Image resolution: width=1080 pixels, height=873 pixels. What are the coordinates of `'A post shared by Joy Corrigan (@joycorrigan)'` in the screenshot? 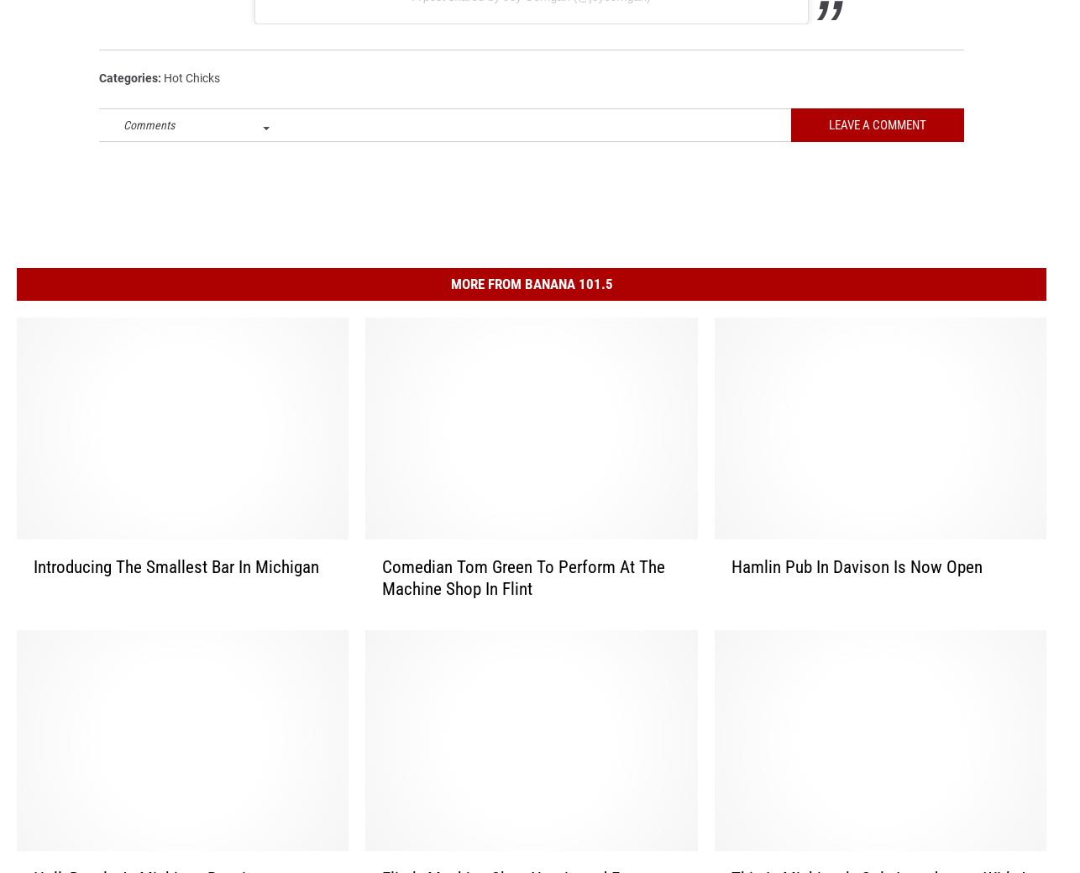 It's located at (411, 18).